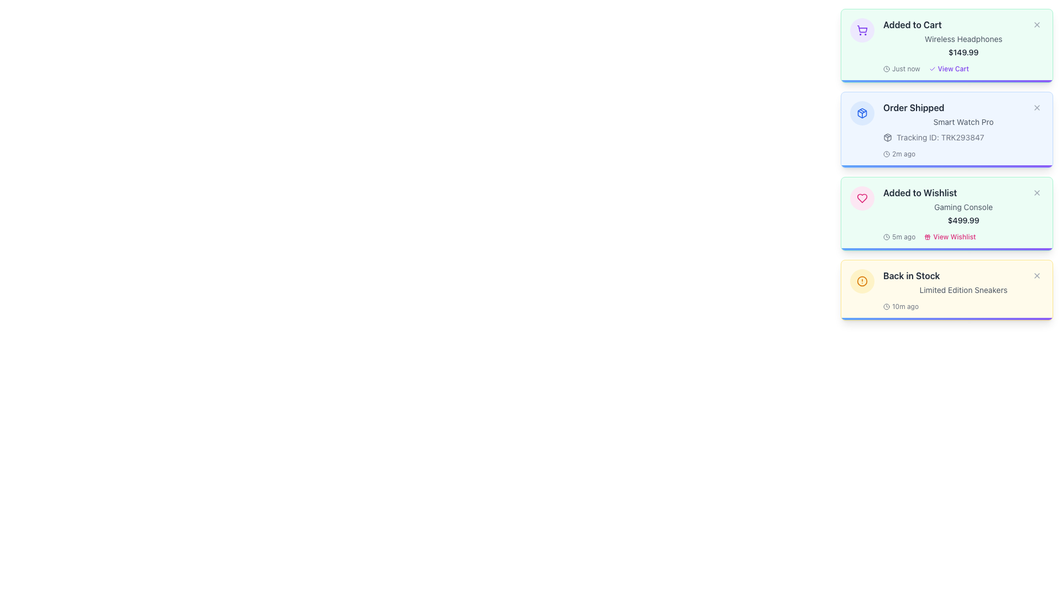 This screenshot has height=597, width=1062. Describe the element at coordinates (887, 236) in the screenshot. I see `the Clock icon located to the left of the '5m ago' text in the 'Added to Wishlist' notification card` at that location.